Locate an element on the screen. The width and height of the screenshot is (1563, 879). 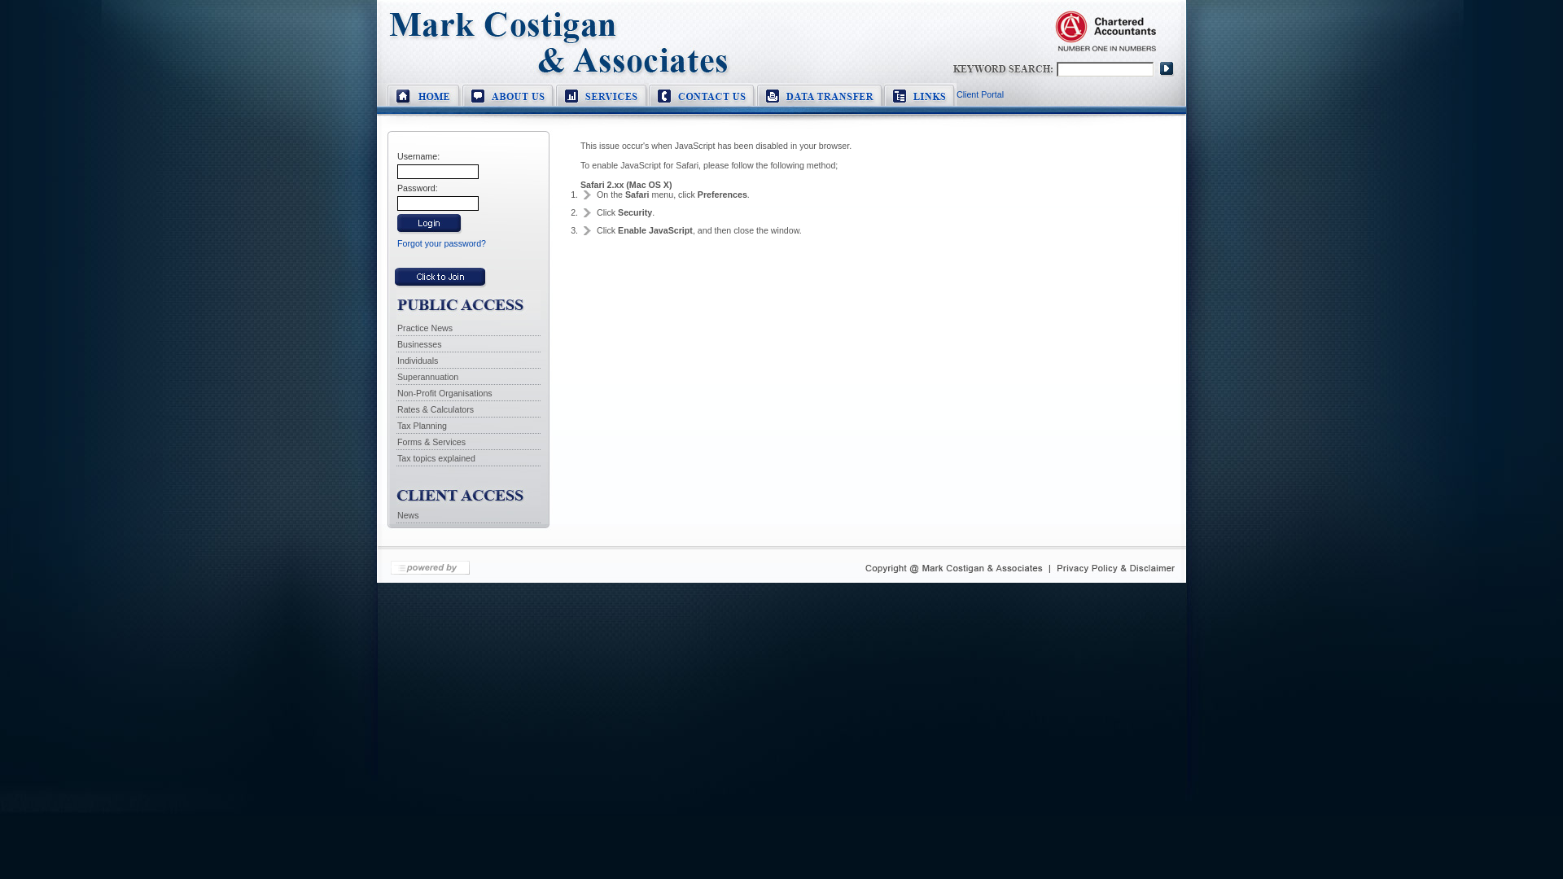
'News' is located at coordinates (408, 514).